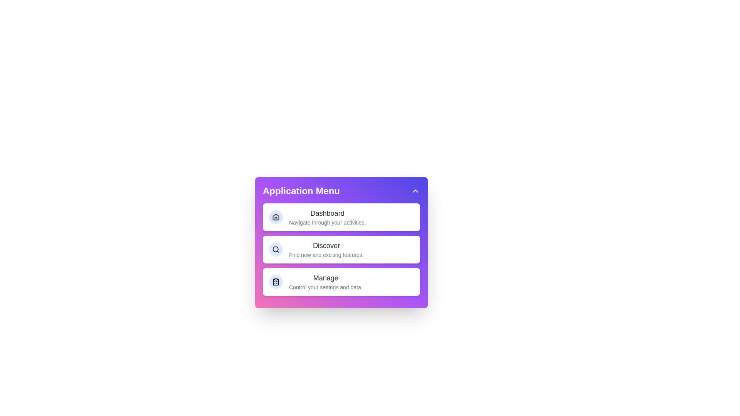 Image resolution: width=740 pixels, height=416 pixels. I want to click on arrow button in the header to toggle the menu visibility, so click(415, 191).